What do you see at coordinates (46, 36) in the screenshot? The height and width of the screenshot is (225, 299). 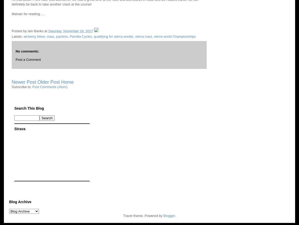 I see `'maui'` at bounding box center [46, 36].